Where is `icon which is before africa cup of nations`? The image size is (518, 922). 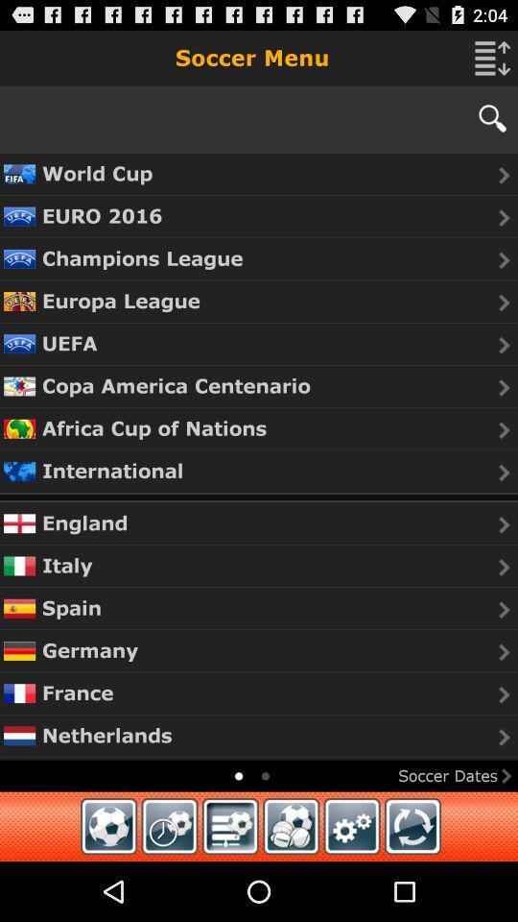 icon which is before africa cup of nations is located at coordinates (18, 428).